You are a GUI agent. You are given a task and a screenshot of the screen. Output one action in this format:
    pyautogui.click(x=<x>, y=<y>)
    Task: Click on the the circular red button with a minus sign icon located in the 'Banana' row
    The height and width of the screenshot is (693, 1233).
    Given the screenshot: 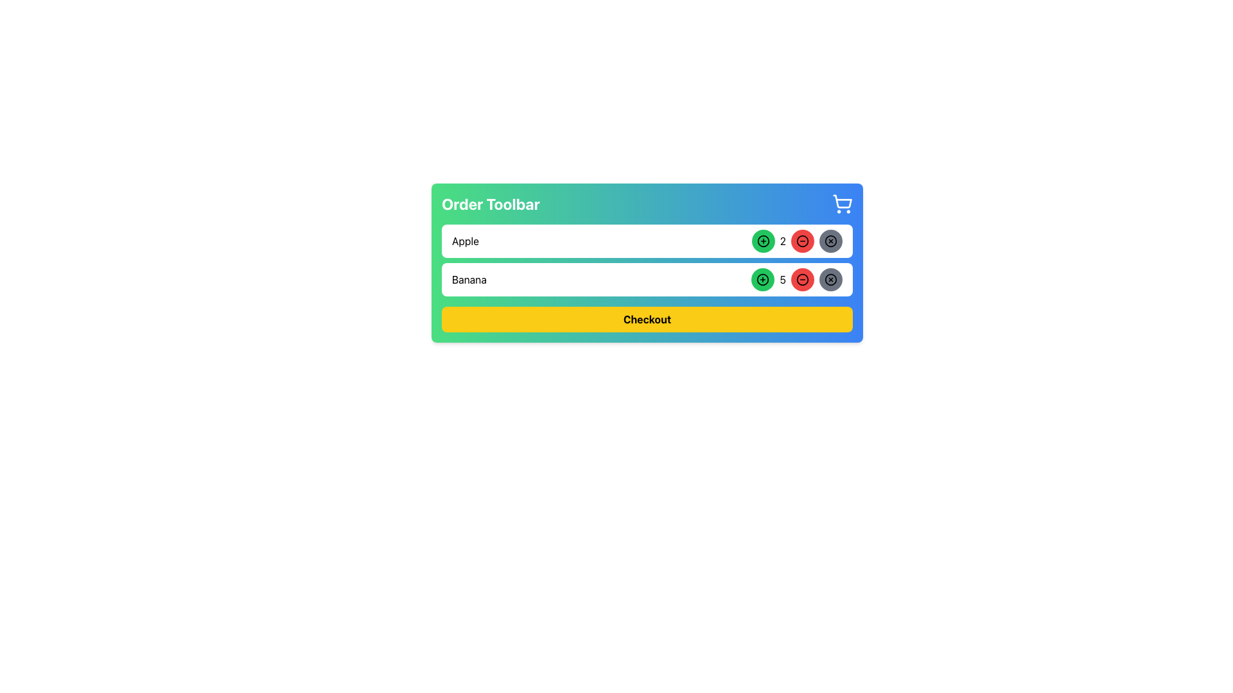 What is the action you would take?
    pyautogui.click(x=801, y=278)
    